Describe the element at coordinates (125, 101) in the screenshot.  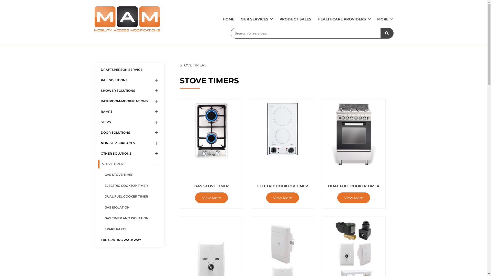
I see `'BATHROOM-MODIFICATIONS'` at that location.